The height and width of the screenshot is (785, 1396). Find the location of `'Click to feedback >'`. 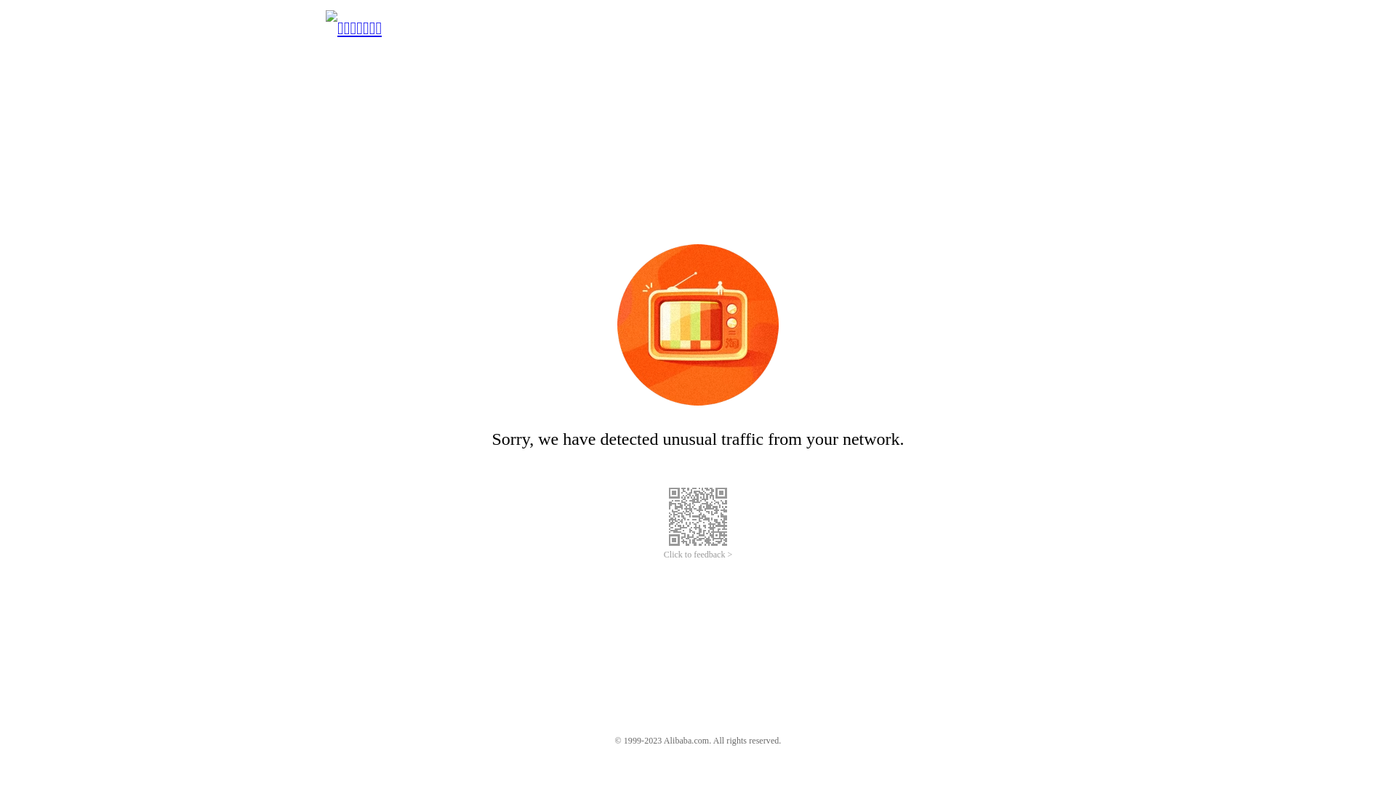

'Click to feedback >' is located at coordinates (698, 555).